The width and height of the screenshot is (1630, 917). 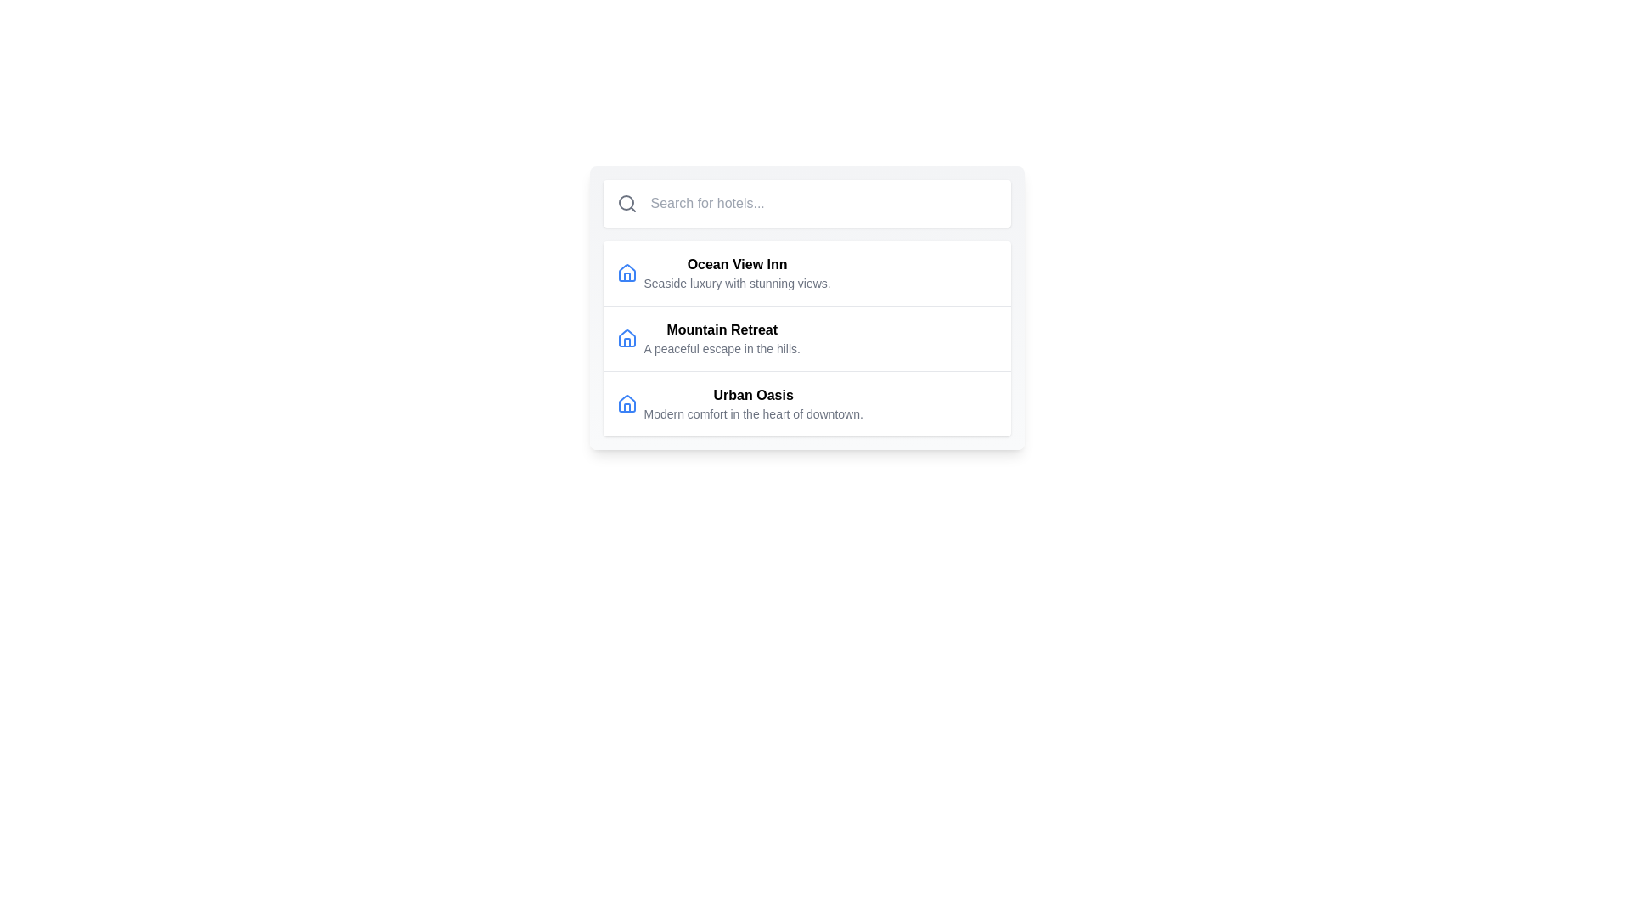 I want to click on the icon representing the property listing for 'Mountain Retreat A peaceful escape in the hills.', located in the second list item, so click(x=626, y=338).